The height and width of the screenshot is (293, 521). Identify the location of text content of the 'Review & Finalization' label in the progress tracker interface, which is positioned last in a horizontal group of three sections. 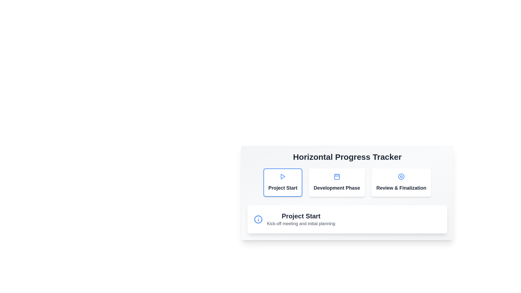
(401, 188).